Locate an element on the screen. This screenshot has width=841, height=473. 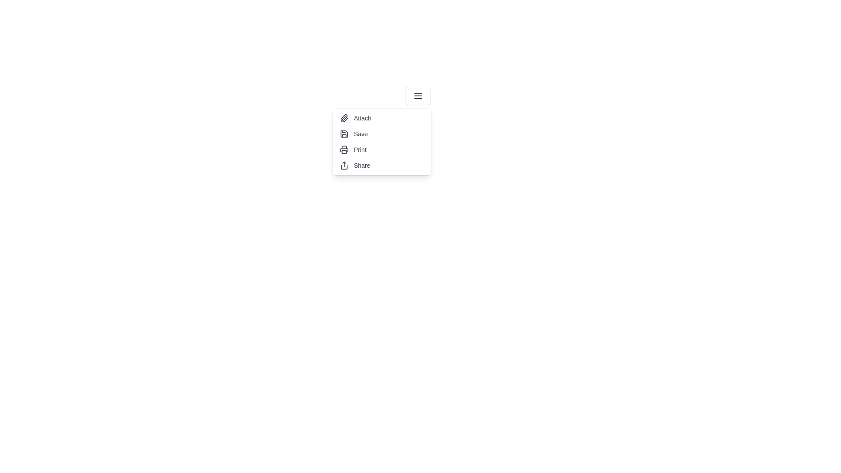
the fourth interactive menu item in the dropdown menu that allows sharing an item or resource, located below 'Print', 'Save', and 'Attach' is located at coordinates (382, 166).